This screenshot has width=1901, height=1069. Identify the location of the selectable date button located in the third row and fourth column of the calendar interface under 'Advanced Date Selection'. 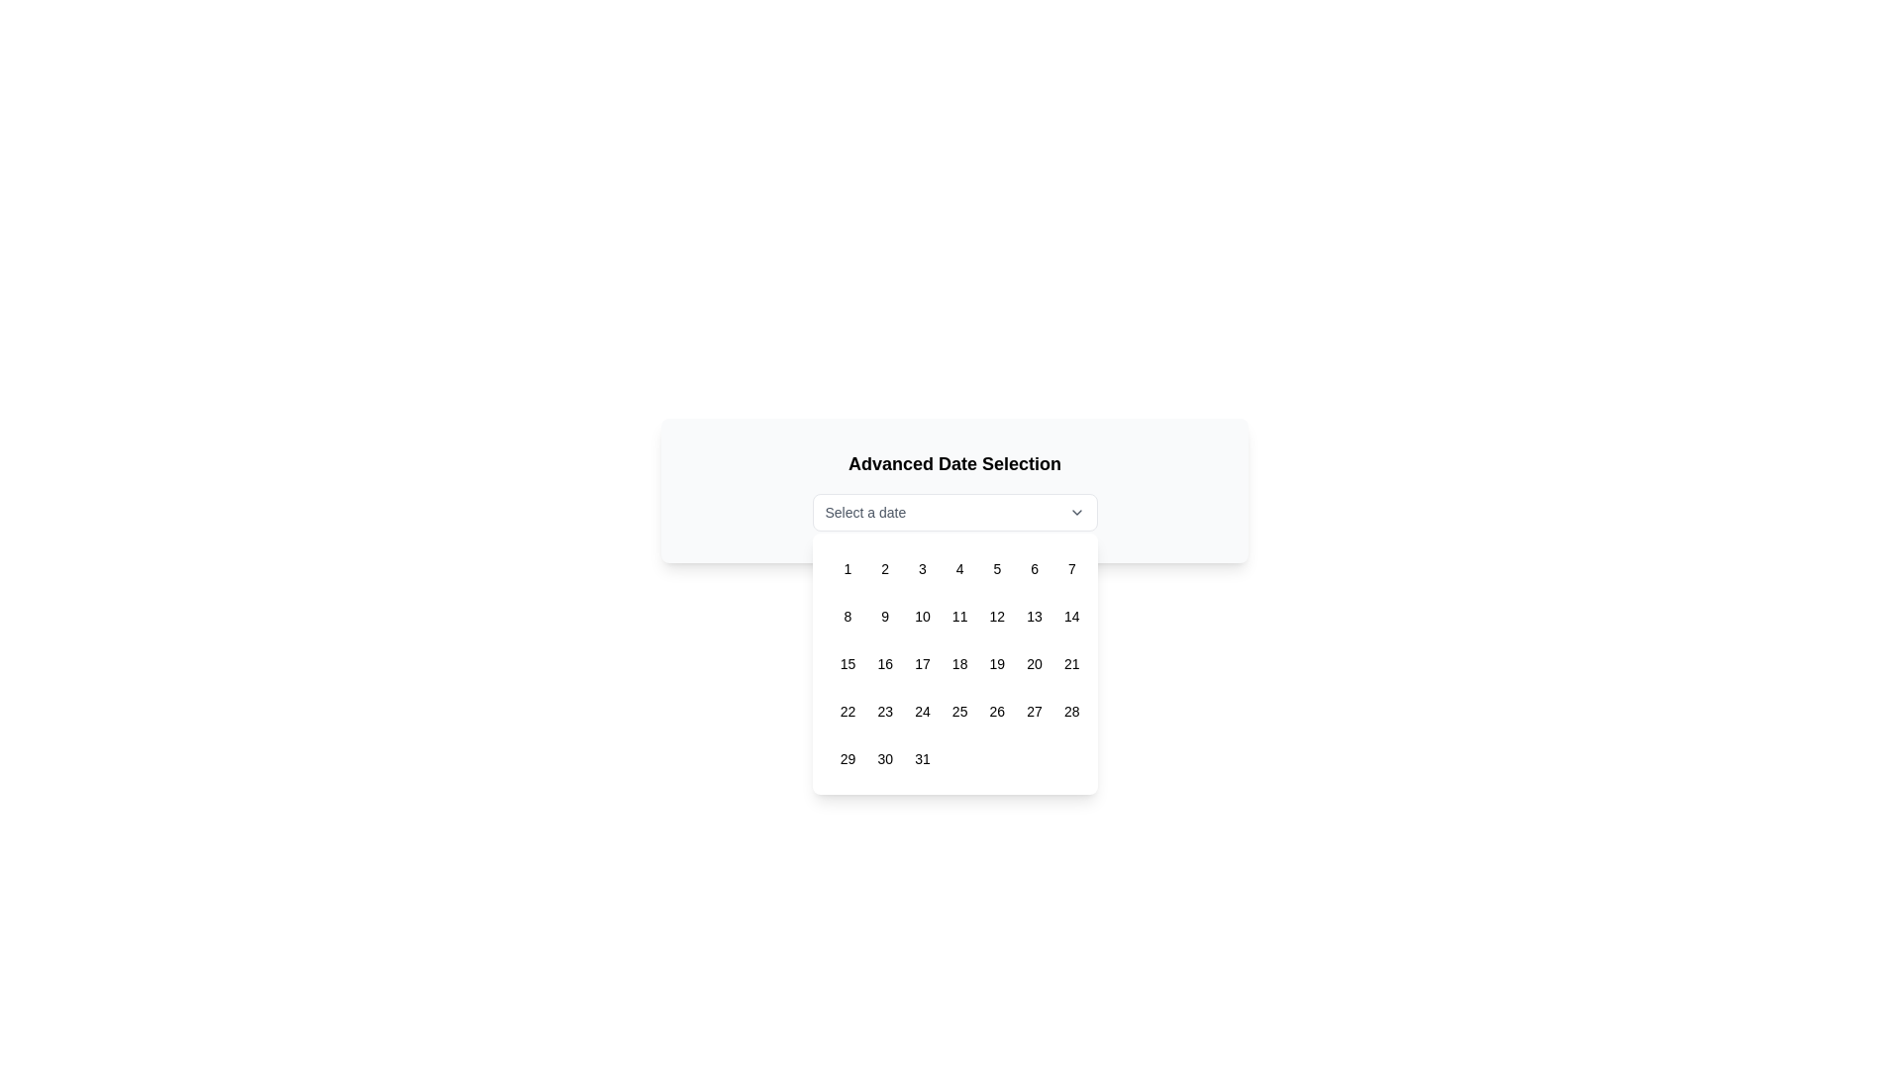
(883, 664).